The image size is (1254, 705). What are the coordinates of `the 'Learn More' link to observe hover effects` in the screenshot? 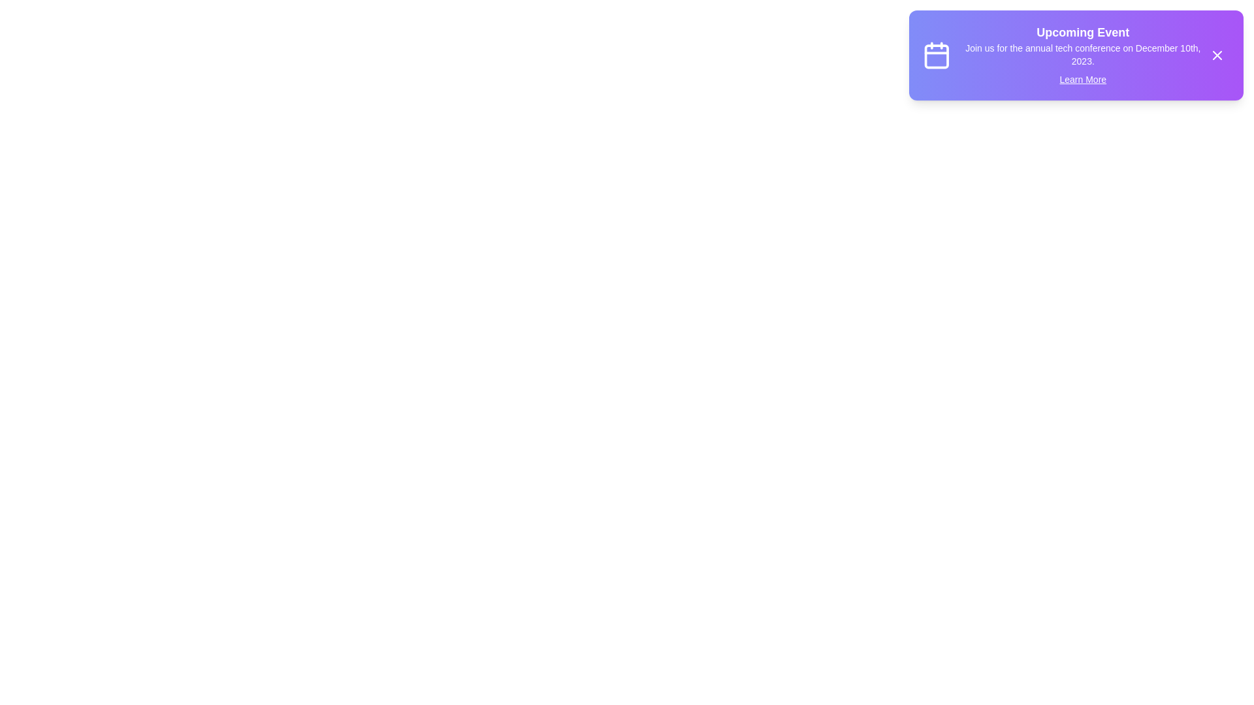 It's located at (1082, 80).